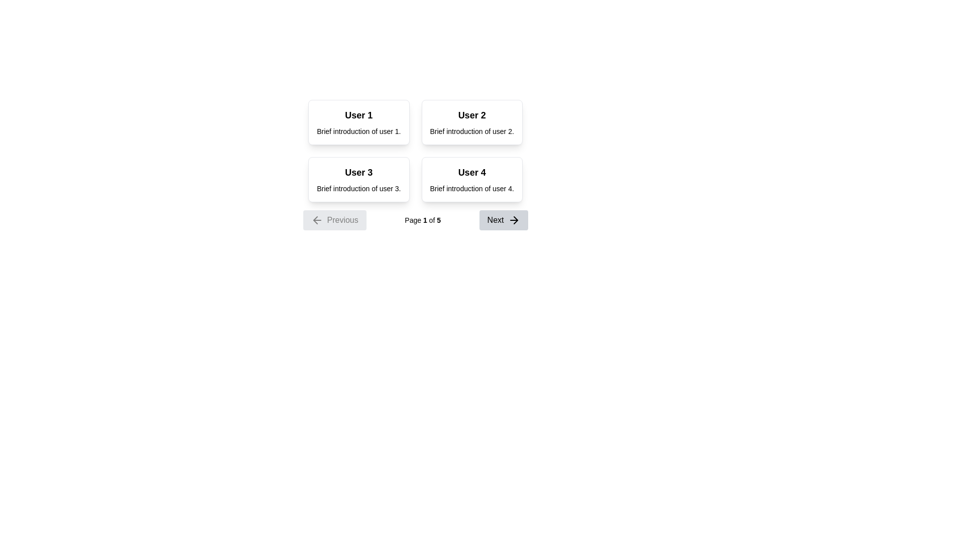 The width and height of the screenshot is (964, 542). Describe the element at coordinates (316, 220) in the screenshot. I see `the left-pointing arrow icon within the 'Previous' navigation button` at that location.